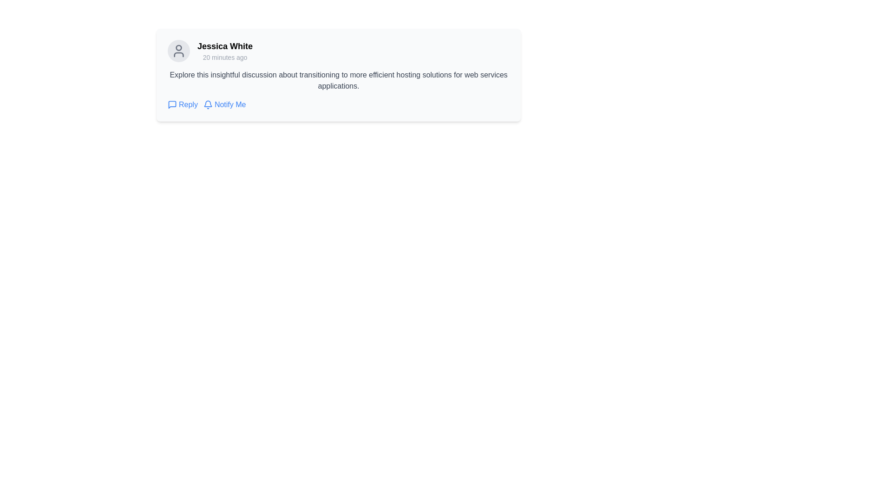  I want to click on the speech bubble icon located to the left of the 'Reply' text in the comment section, so click(172, 104).